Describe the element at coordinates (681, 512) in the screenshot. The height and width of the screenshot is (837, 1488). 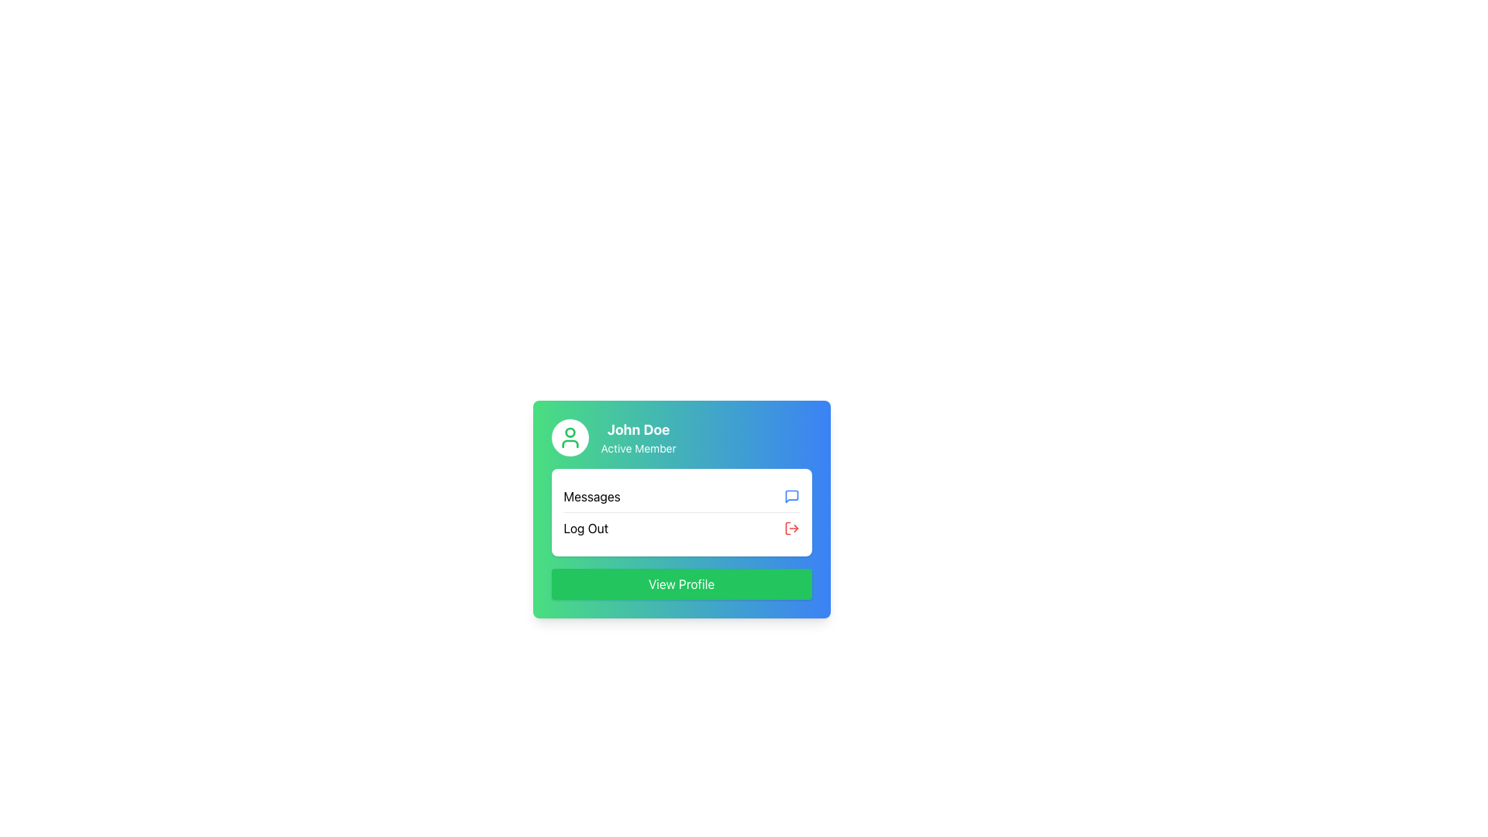
I see `the 'Messages' option in the menu located centrally below the user details and above the 'View Profile' button` at that location.